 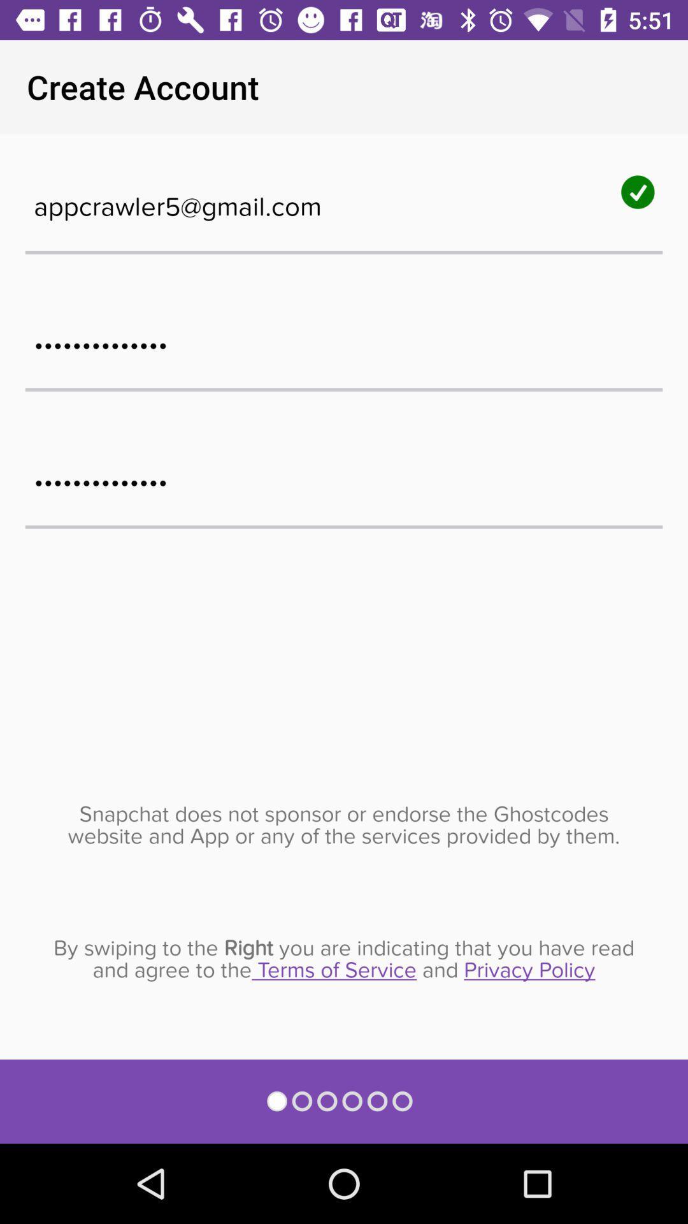 I want to click on icon below the create account, so click(x=344, y=199).